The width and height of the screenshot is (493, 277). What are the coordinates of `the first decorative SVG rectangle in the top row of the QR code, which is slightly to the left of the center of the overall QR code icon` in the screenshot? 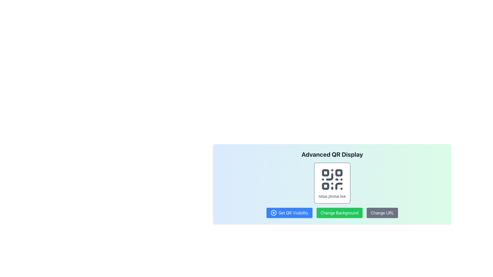 It's located at (325, 173).